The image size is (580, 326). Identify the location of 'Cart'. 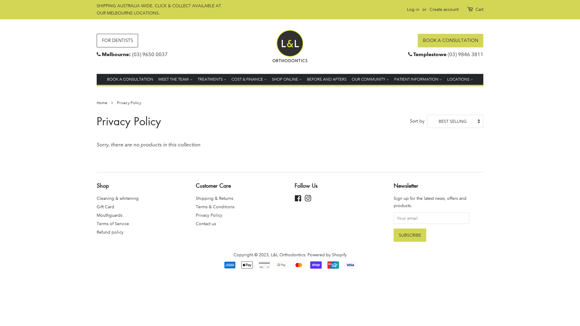
(479, 9).